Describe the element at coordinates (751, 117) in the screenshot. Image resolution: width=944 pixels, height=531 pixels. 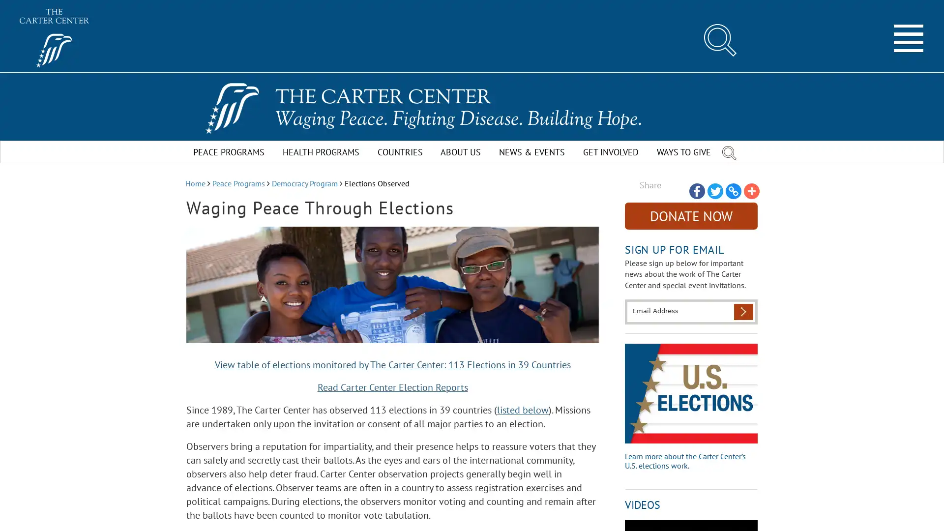
I see `Share to More` at that location.